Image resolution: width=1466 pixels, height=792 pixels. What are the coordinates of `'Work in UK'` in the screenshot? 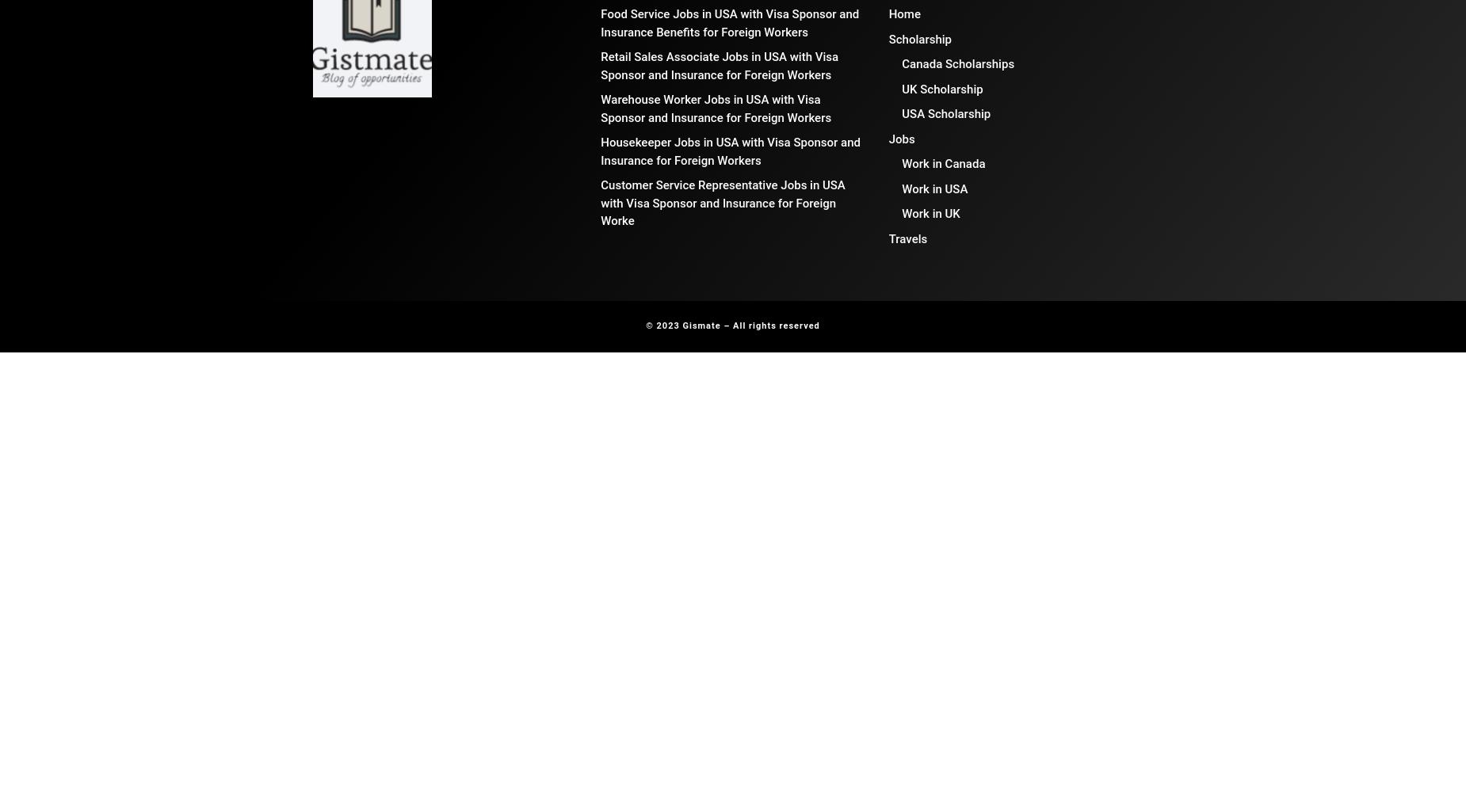 It's located at (930, 214).